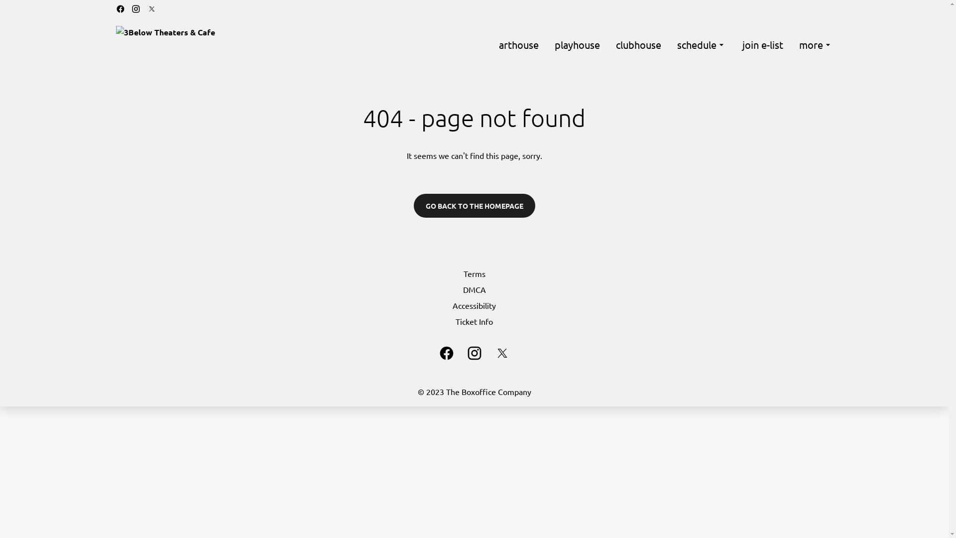 The width and height of the screenshot is (956, 538). I want to click on 'facebook', so click(115, 9).